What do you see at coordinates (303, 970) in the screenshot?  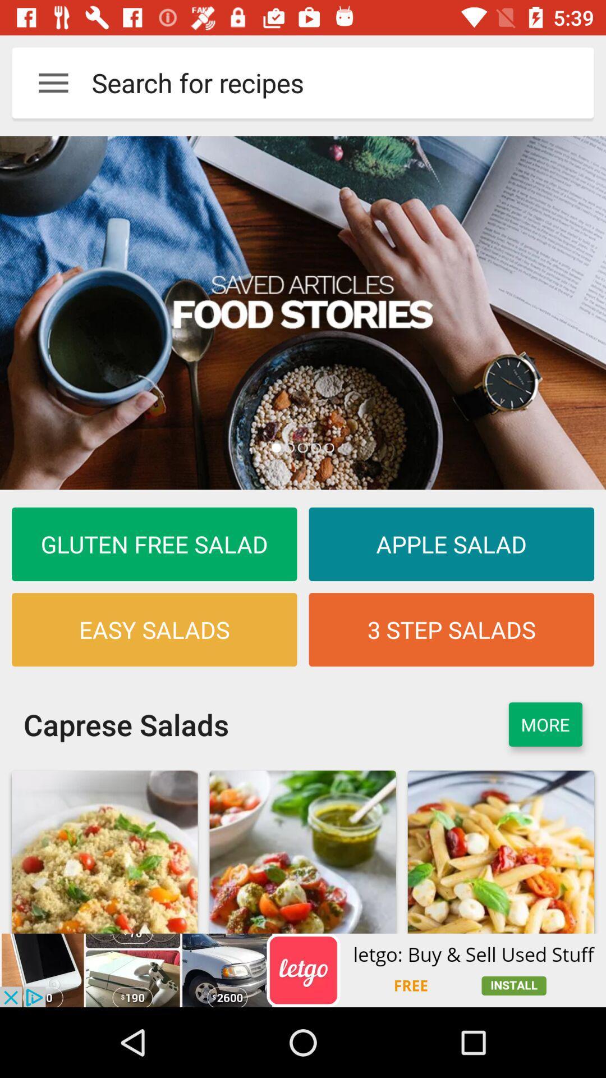 I see `advertisement banner for letgo buy sell used stuff` at bounding box center [303, 970].